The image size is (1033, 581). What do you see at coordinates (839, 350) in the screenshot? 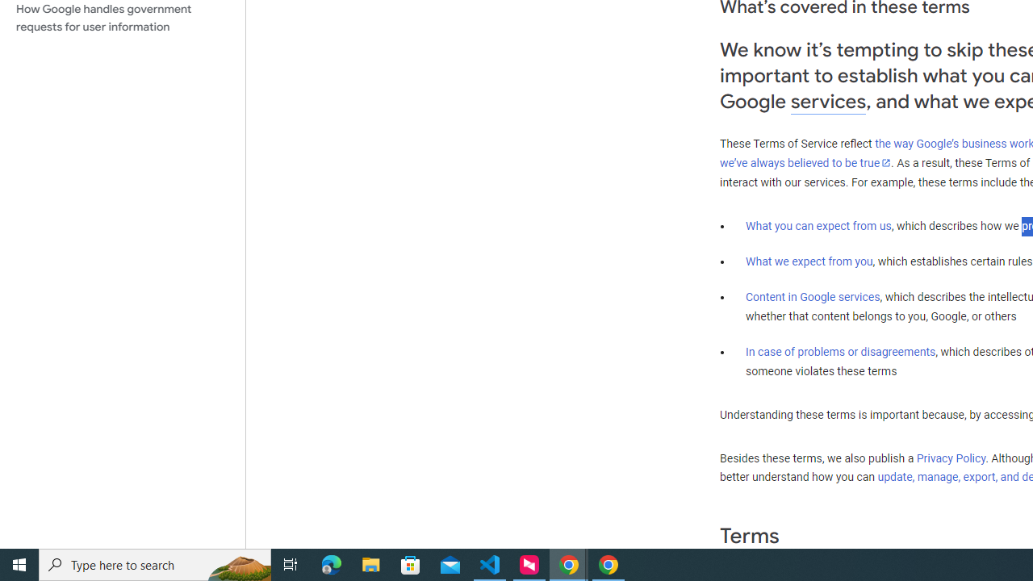
I see `'In case of problems or disagreements'` at bounding box center [839, 350].